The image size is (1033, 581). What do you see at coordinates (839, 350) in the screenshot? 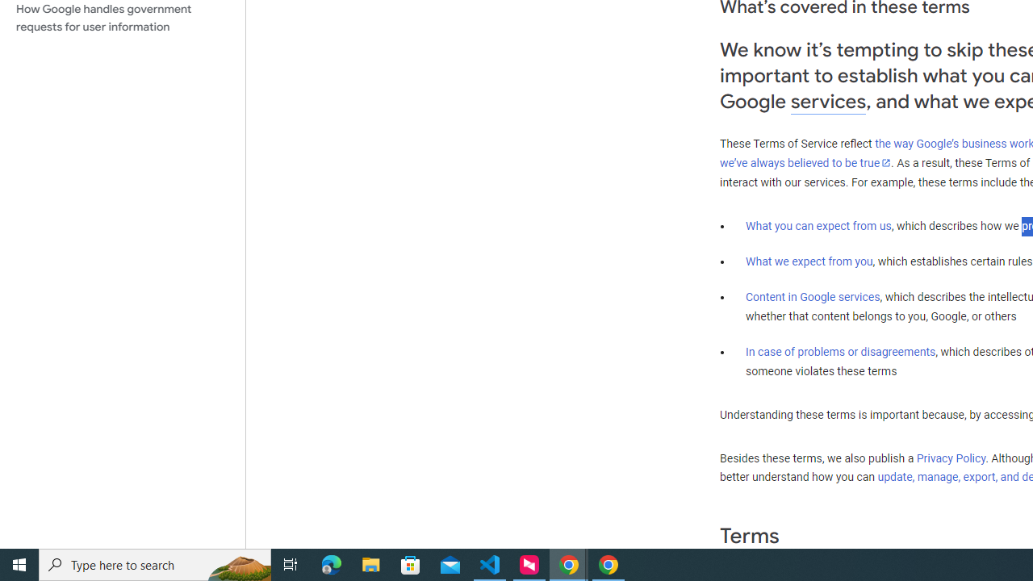
I see `'In case of problems or disagreements'` at bounding box center [839, 350].